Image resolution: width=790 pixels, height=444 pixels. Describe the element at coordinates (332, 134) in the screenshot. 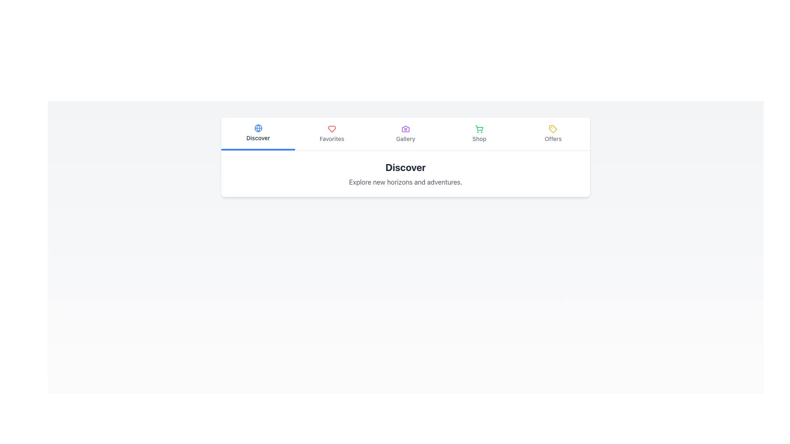

I see `the 'Favorites' button located in the horizontal navigation bar, positioned to the right of the 'Discover' tab and to the left of the 'Gallery' tab` at that location.